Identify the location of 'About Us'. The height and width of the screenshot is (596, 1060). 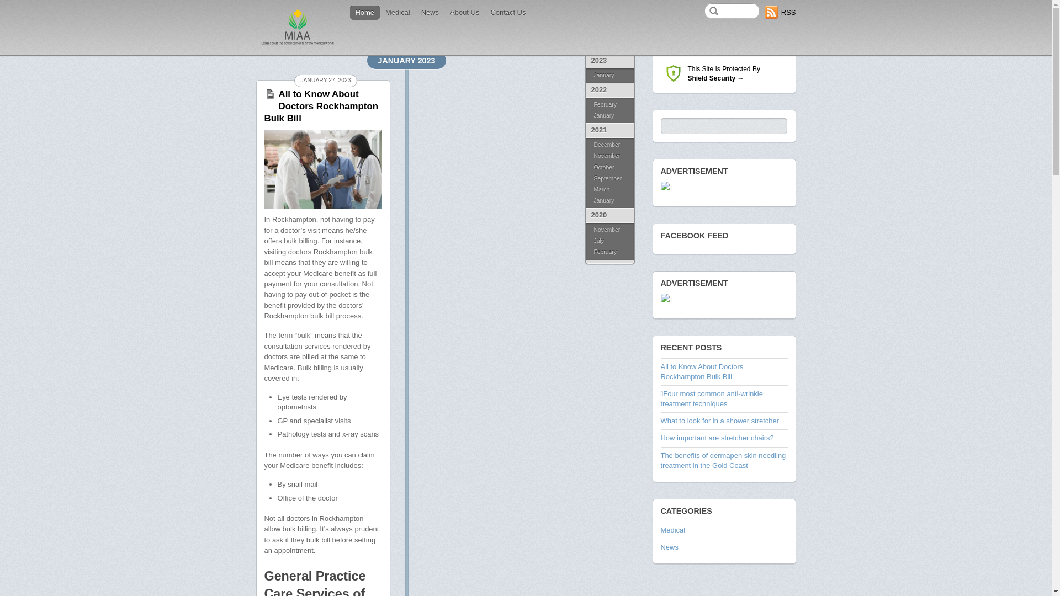
(444, 13).